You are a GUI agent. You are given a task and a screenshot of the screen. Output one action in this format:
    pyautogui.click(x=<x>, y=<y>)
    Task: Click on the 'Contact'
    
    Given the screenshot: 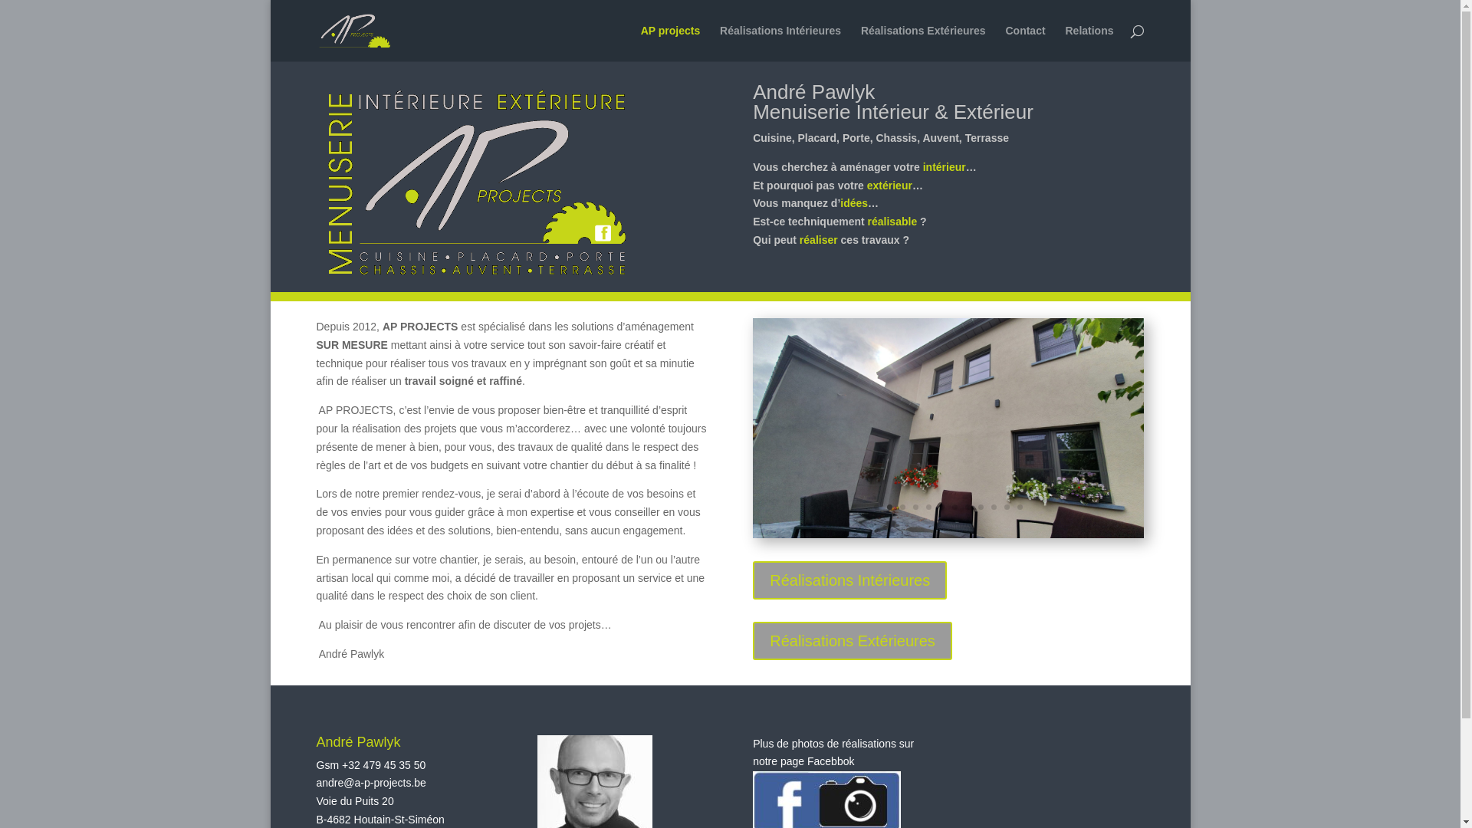 What is the action you would take?
    pyautogui.click(x=1025, y=42)
    